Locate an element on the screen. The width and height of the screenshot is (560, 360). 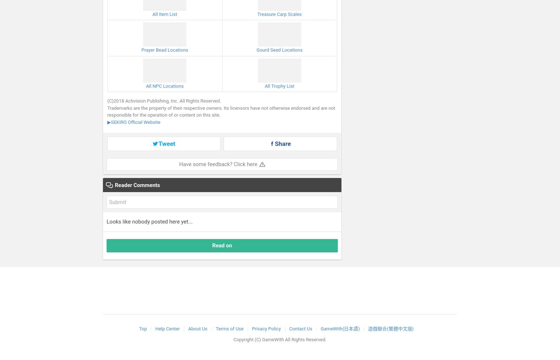
'(C)2018 Activision Publishing, Inc. All Rights Reserved.' is located at coordinates (164, 101).